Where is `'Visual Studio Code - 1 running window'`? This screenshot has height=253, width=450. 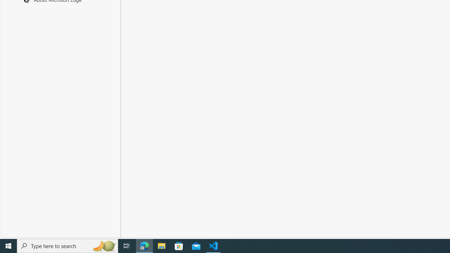 'Visual Studio Code - 1 running window' is located at coordinates (213, 245).